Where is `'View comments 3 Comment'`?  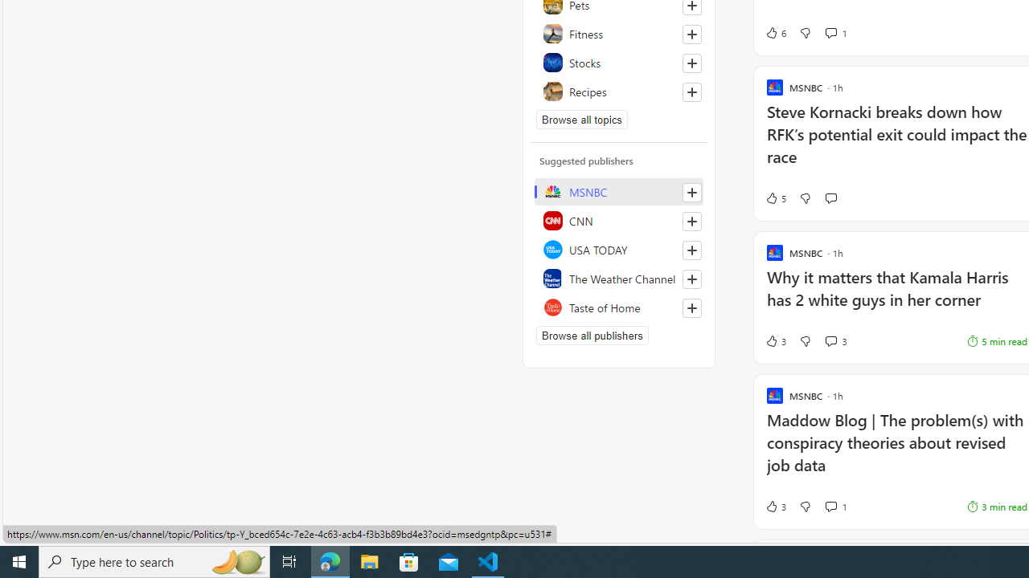 'View comments 3 Comment' is located at coordinates (830, 340).